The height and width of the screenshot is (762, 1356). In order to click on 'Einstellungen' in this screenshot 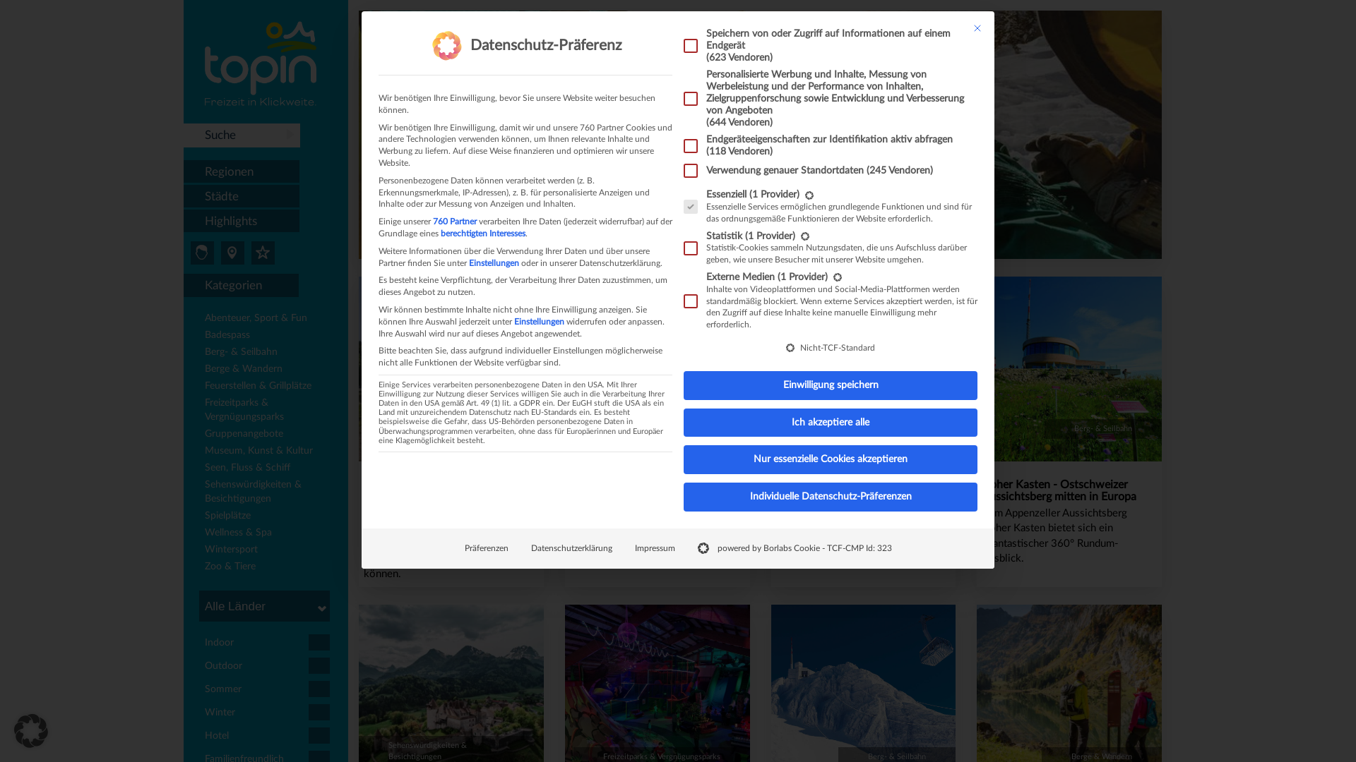, I will do `click(513, 321)`.